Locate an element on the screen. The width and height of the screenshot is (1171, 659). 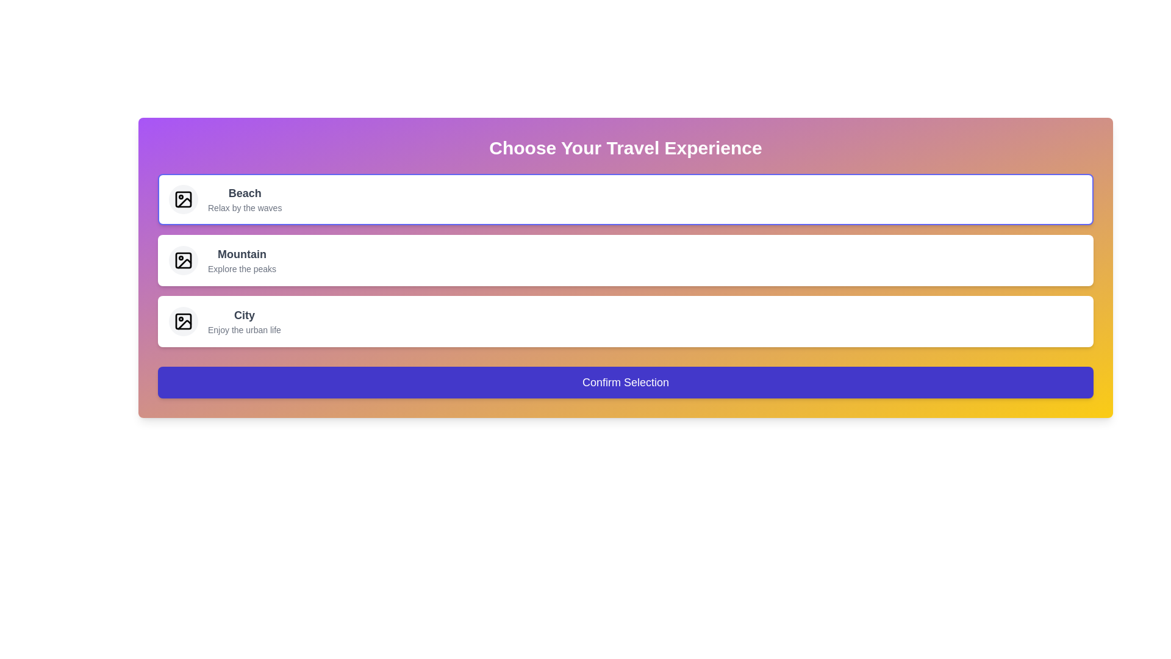
the 'Beach' text description element, which is part of the interactive selection process for travel experiences and located to the right of the circular icon is located at coordinates (244, 199).